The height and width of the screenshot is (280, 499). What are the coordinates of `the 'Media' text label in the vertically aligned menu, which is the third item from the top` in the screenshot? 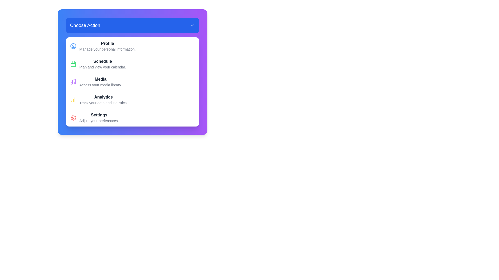 It's located at (101, 82).